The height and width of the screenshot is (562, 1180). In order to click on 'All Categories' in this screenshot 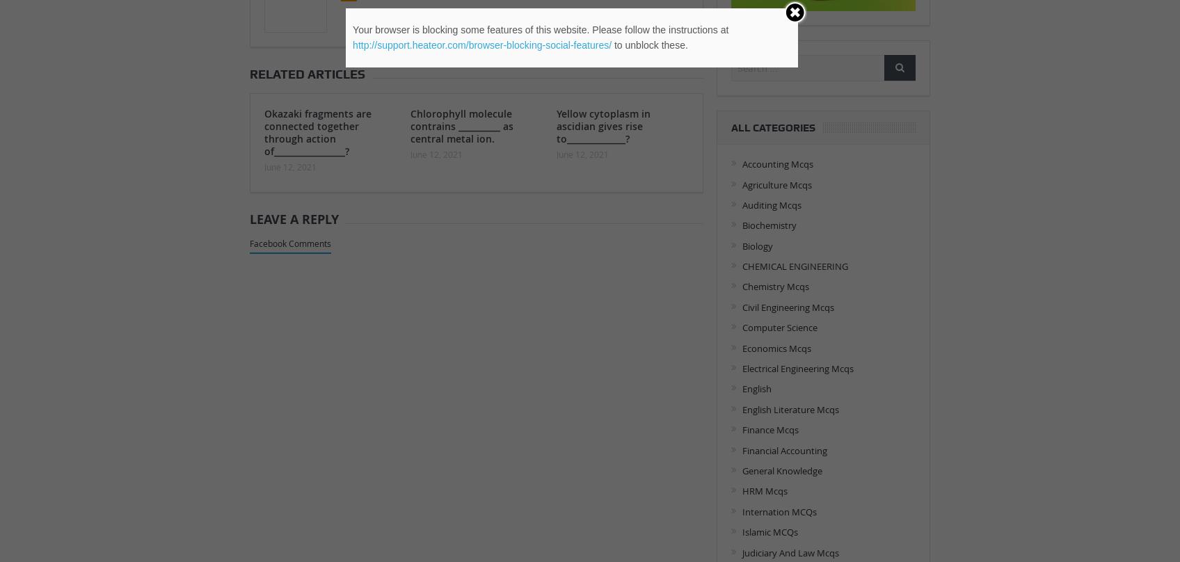, I will do `click(772, 127)`.